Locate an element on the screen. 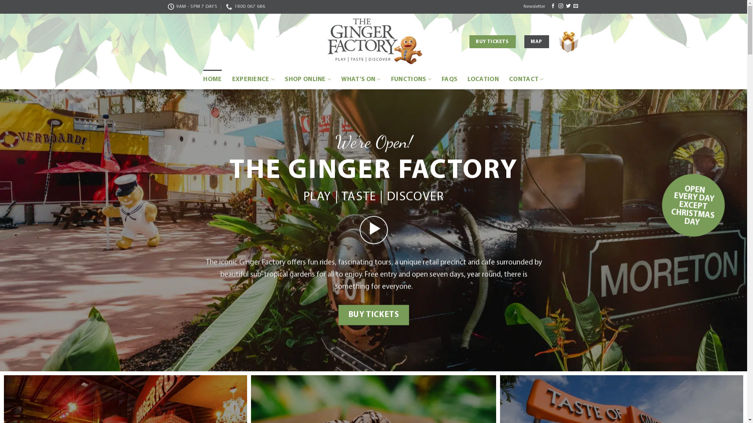 This screenshot has width=753, height=423. 'SHOP ONLINE' is located at coordinates (284, 80).